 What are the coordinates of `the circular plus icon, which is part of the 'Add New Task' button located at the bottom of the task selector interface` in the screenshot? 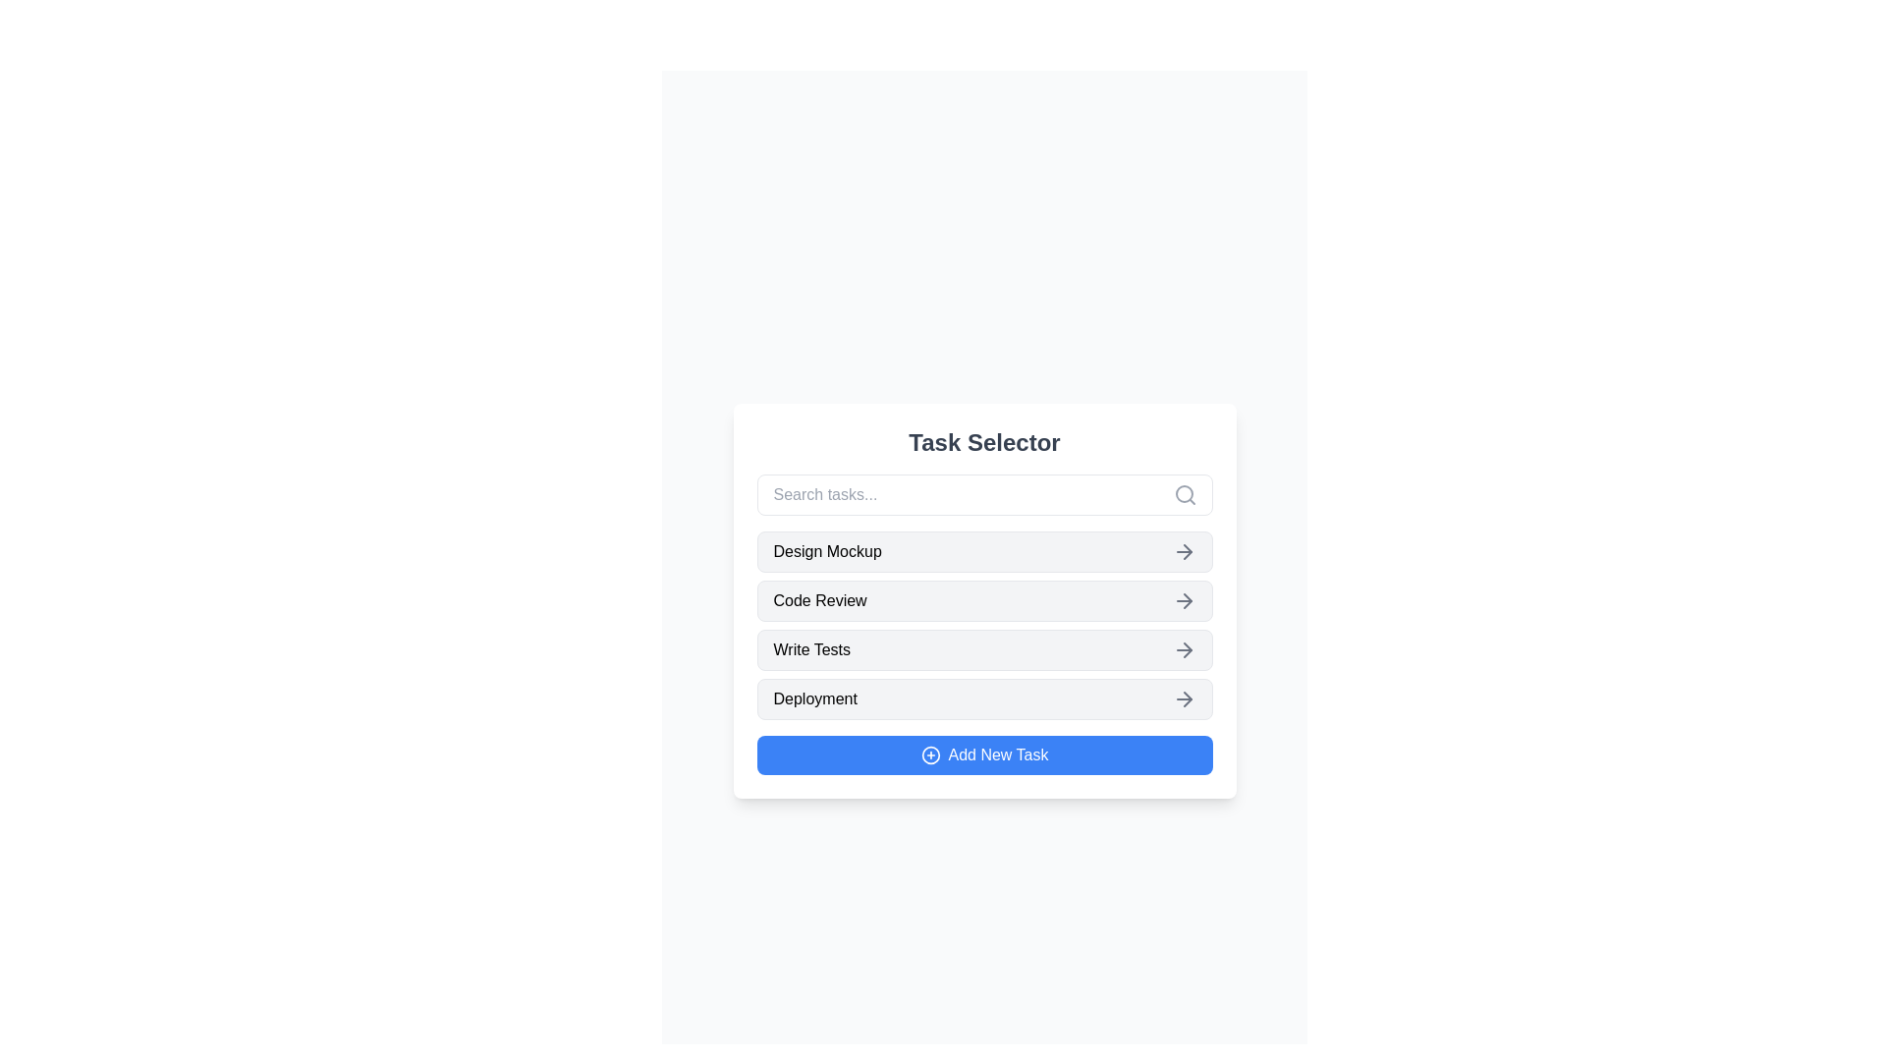 It's located at (929, 754).